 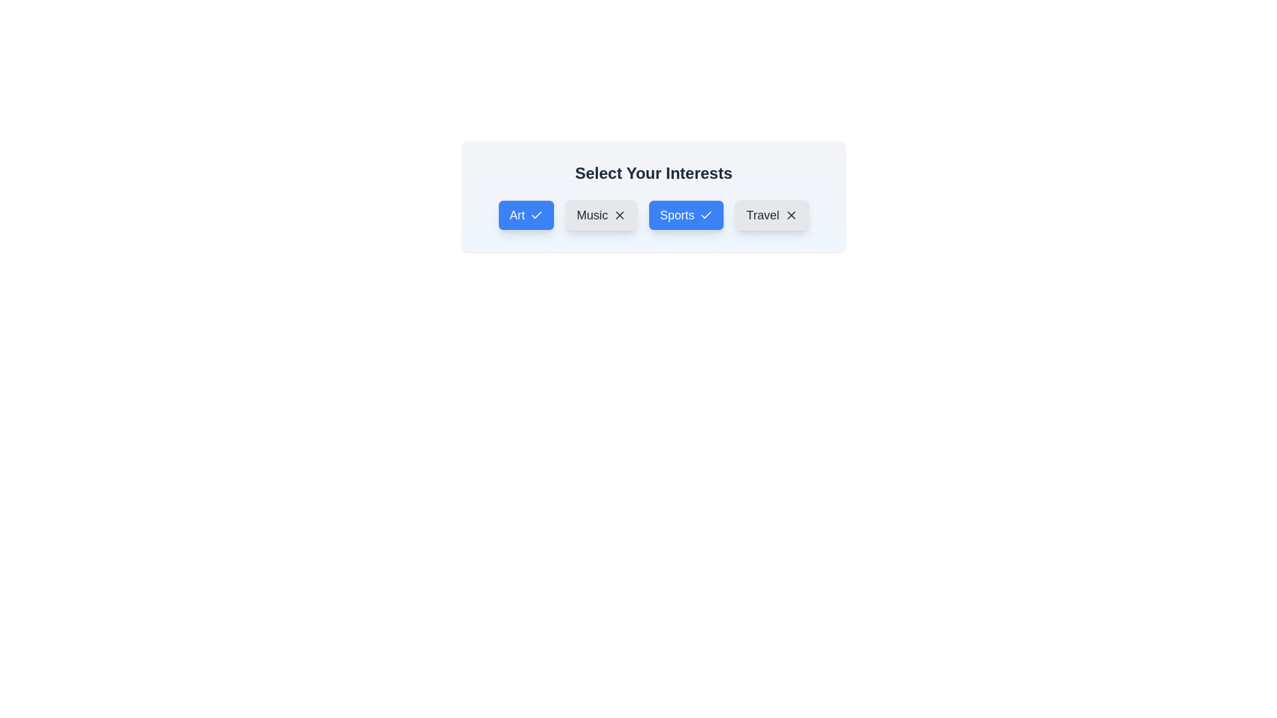 I want to click on the interest item Travel, so click(x=772, y=215).